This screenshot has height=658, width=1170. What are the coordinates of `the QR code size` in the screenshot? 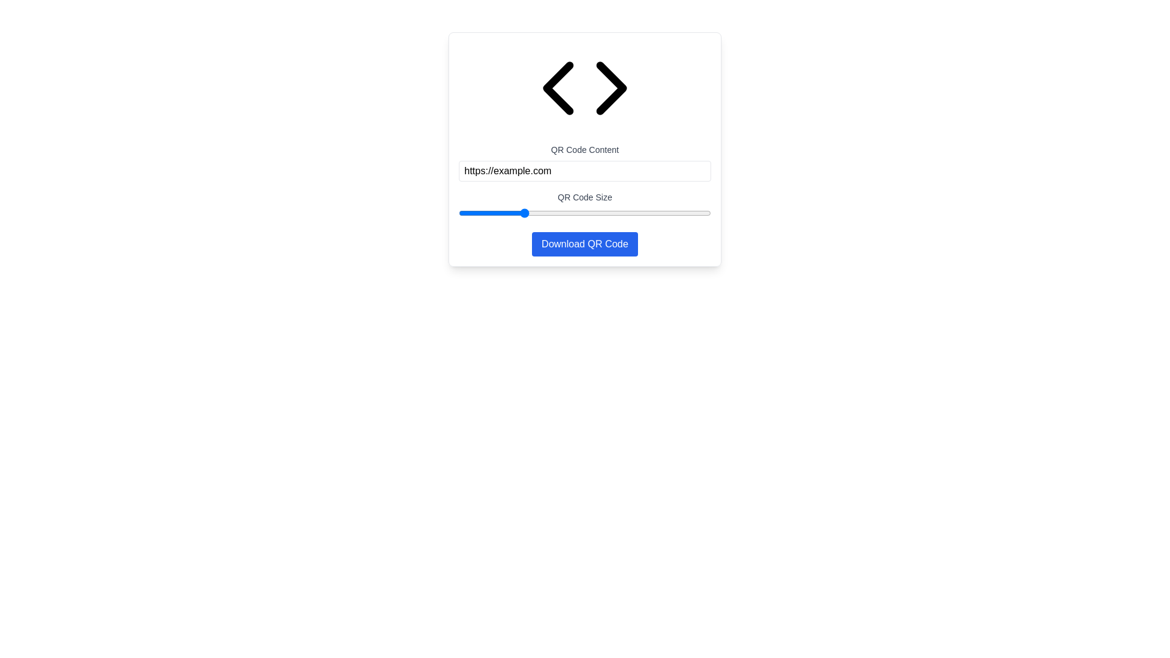 It's located at (620, 213).